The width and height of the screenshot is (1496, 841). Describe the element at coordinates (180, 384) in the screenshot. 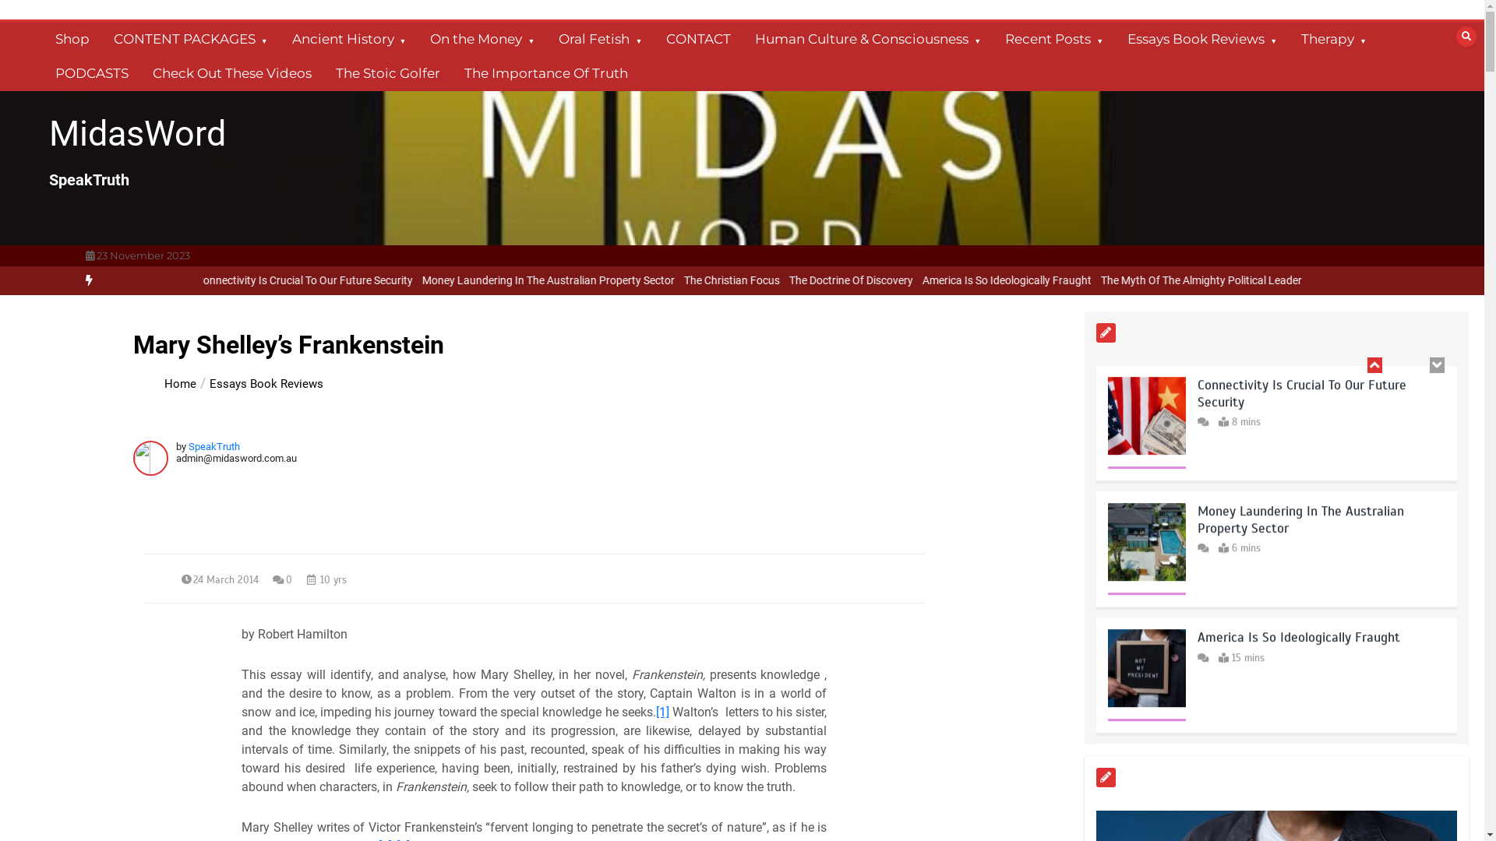

I see `'Home'` at that location.